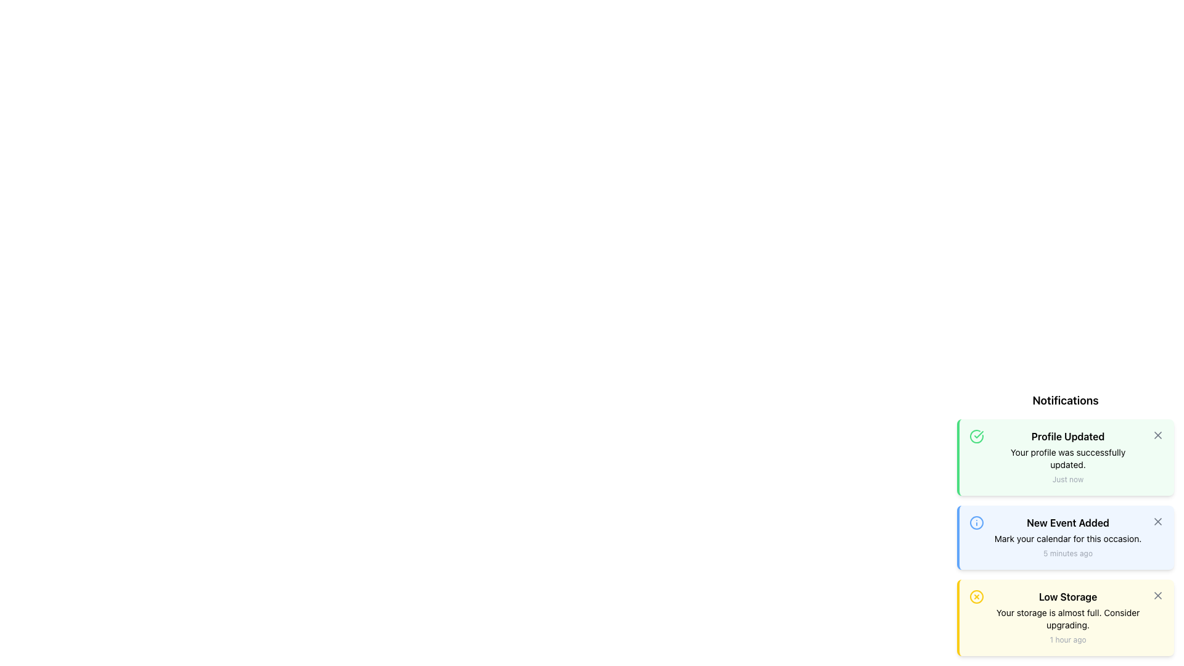 The width and height of the screenshot is (1184, 666). What do you see at coordinates (1157, 434) in the screenshot?
I see `the small gray 'X' button in the top-right corner of the 'Profile Updated' notification card to observe the style change` at bounding box center [1157, 434].